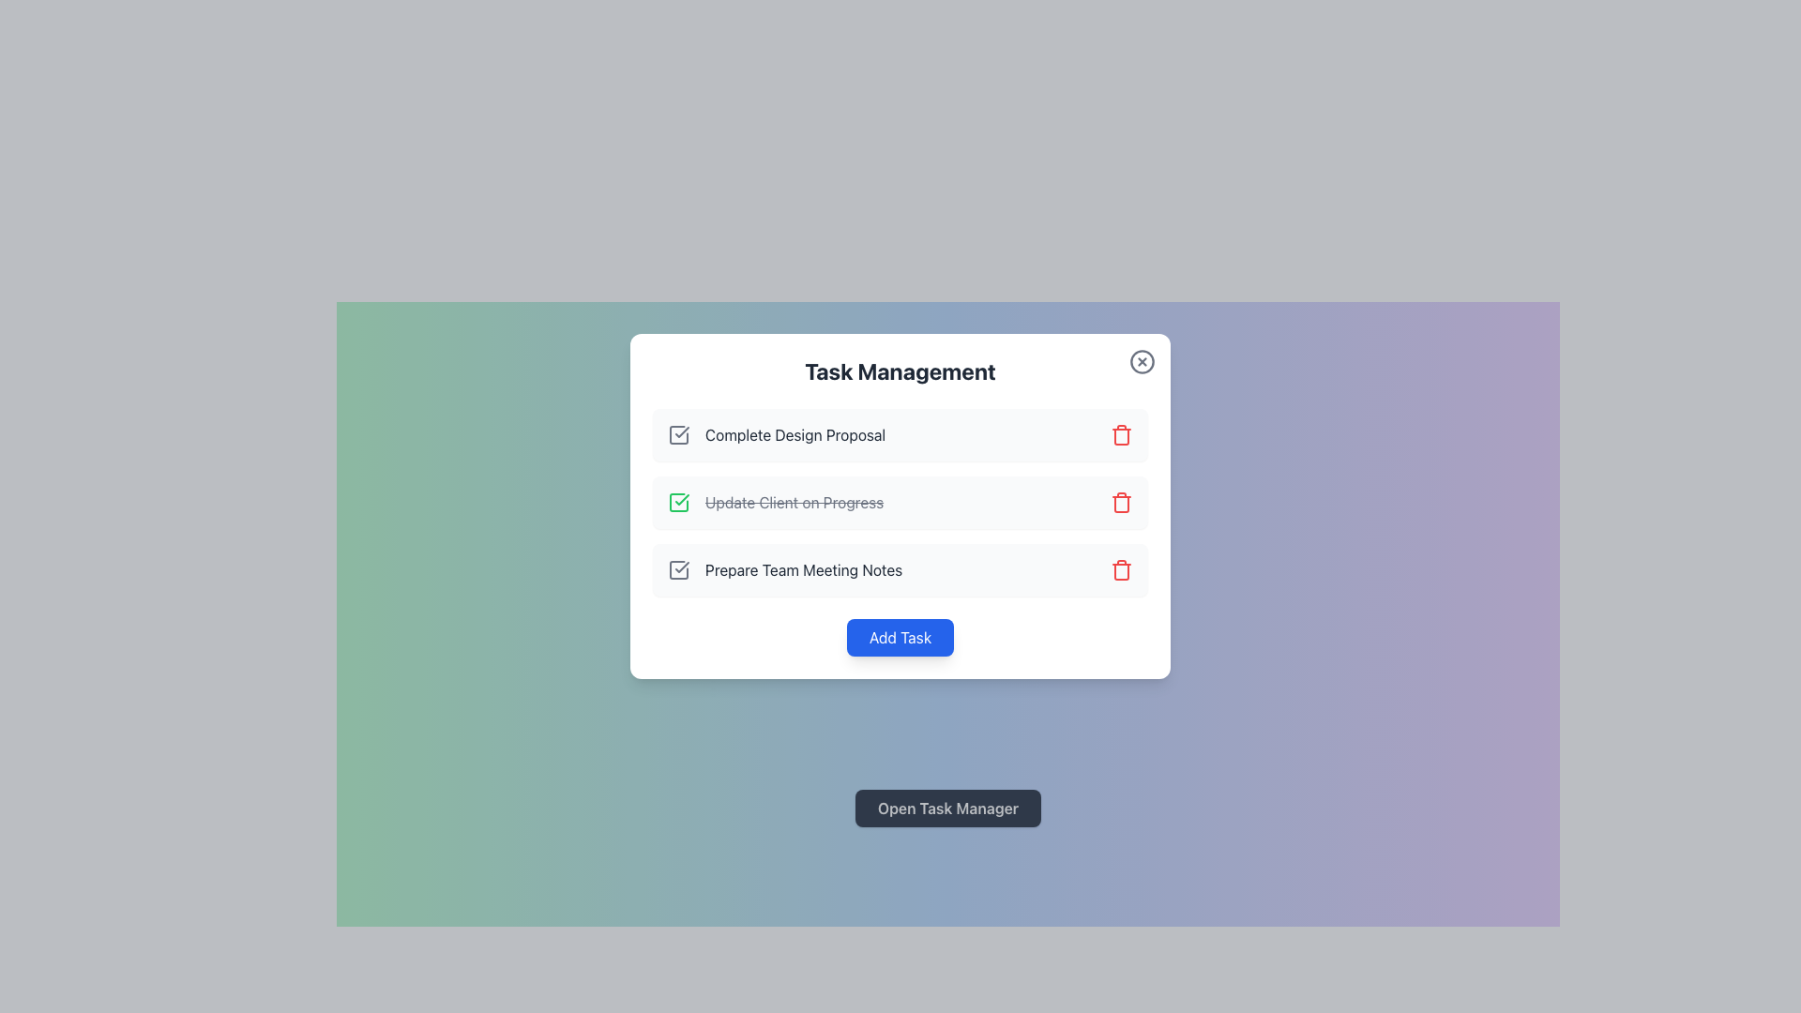  What do you see at coordinates (678, 502) in the screenshot?
I see `the completion status icon located to the left of the 'Update Client on Progress' text for visual feedback if interactive` at bounding box center [678, 502].